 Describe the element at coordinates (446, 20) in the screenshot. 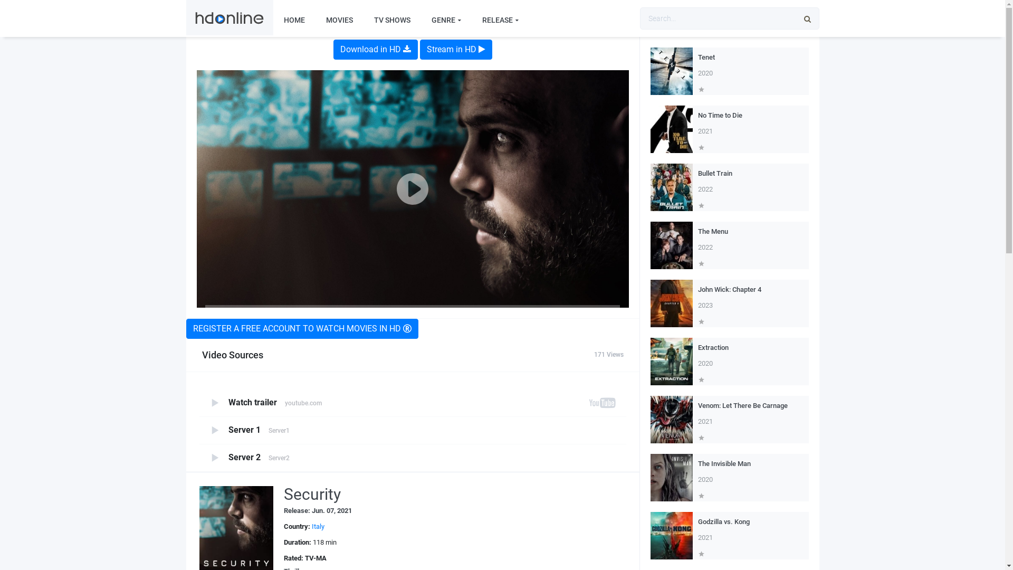

I see `'GENRE'` at that location.